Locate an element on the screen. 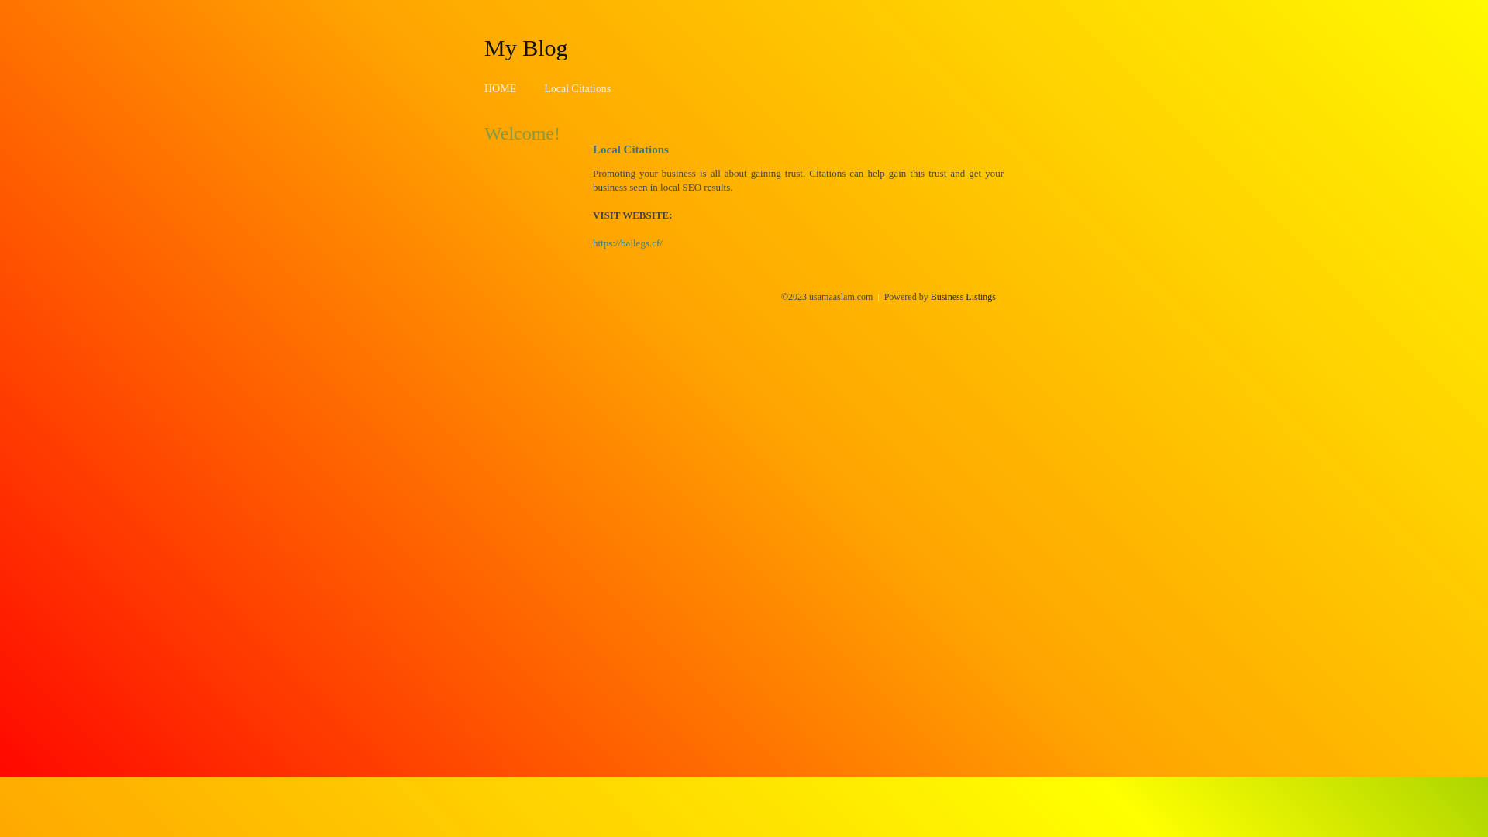 This screenshot has width=1488, height=837. 'Local Citations' is located at coordinates (576, 88).